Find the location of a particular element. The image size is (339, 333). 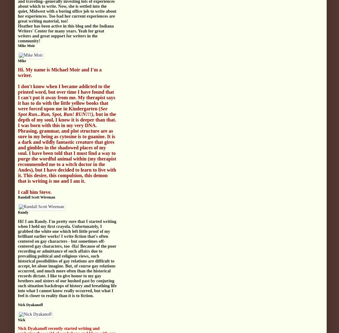

'Hi. My name is Michael Moir and I'm a writer.' is located at coordinates (59, 72).